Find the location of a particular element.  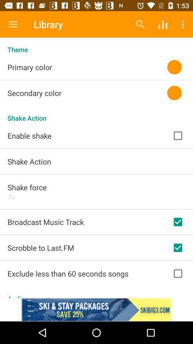

search icon which is in the orange background is located at coordinates (140, 24).